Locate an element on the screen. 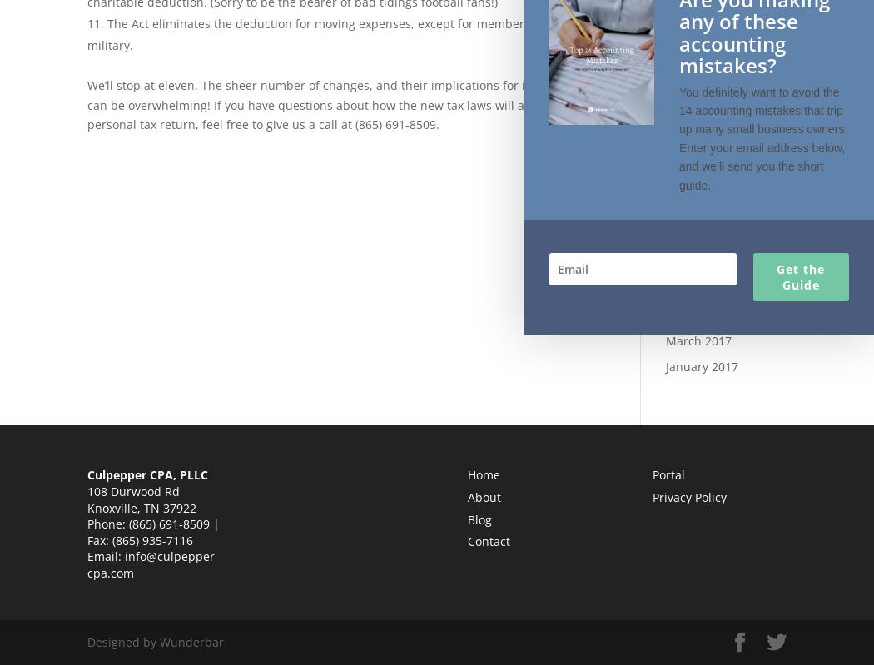 This screenshot has width=874, height=665. 'April 2018' is located at coordinates (664, 110).